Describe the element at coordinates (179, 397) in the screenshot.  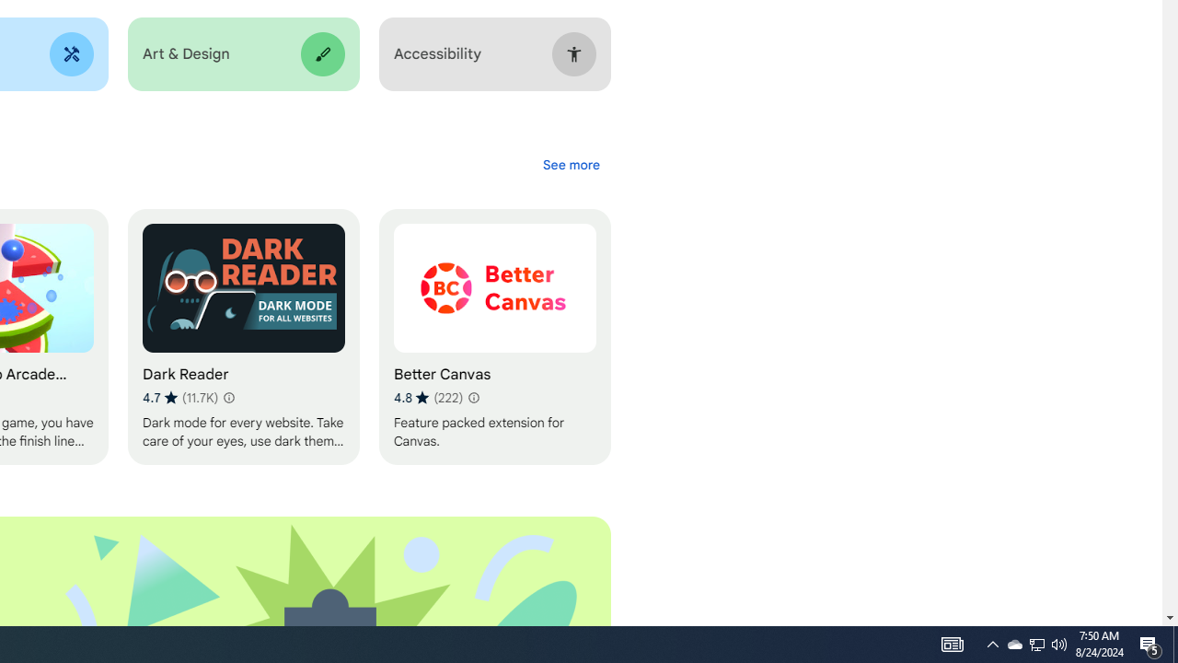
I see `'Average rating 4.7 out of 5 stars. 11.7K ratings.'` at that location.